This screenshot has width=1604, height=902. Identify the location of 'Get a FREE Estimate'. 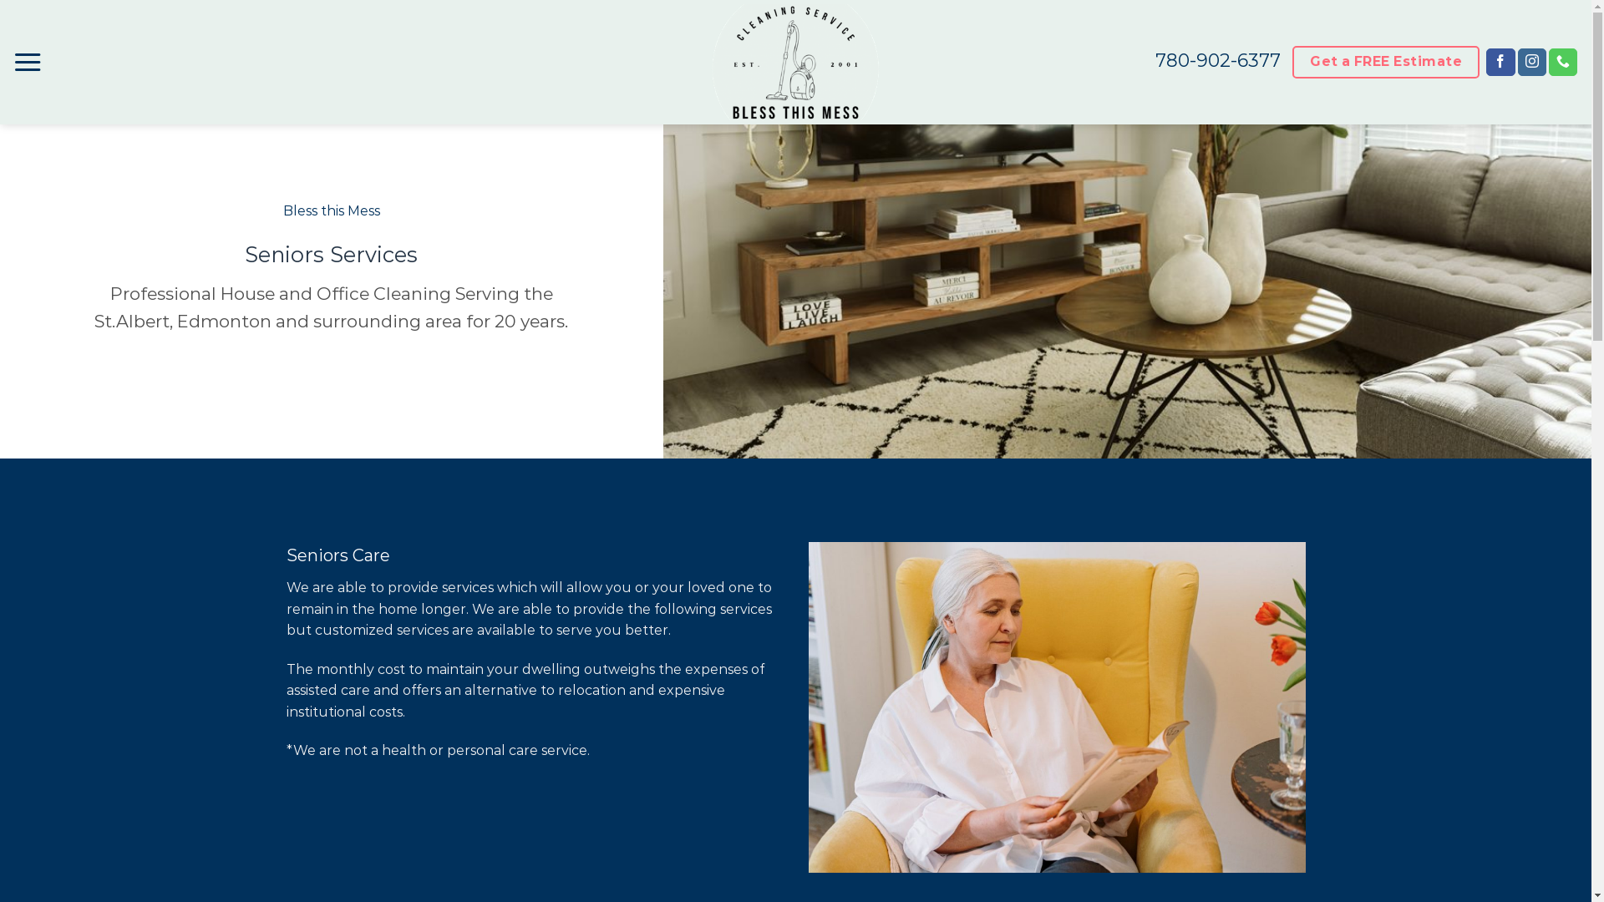
(1385, 61).